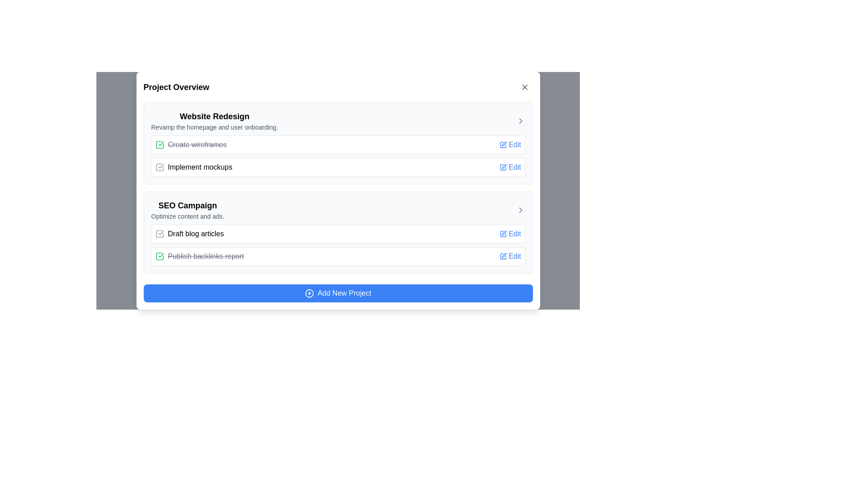 The height and width of the screenshot is (486, 865). What do you see at coordinates (337, 232) in the screenshot?
I see `the 'SEO Campaign' task summary section` at bounding box center [337, 232].